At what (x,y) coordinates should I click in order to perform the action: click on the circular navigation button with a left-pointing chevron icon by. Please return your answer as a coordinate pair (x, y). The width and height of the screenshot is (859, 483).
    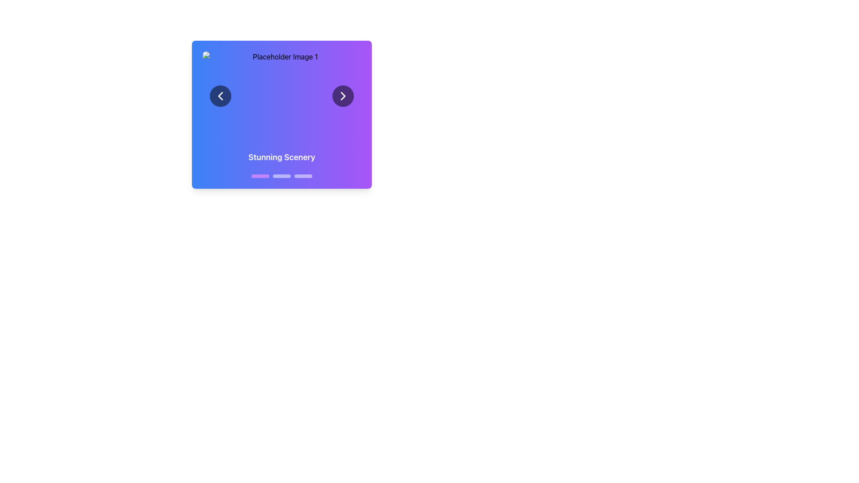
    Looking at the image, I should click on (221, 95).